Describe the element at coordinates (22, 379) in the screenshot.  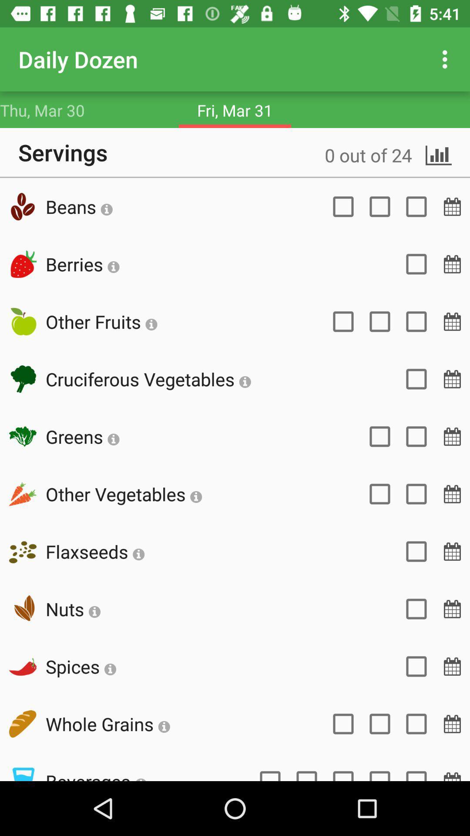
I see `the weather icon` at that location.